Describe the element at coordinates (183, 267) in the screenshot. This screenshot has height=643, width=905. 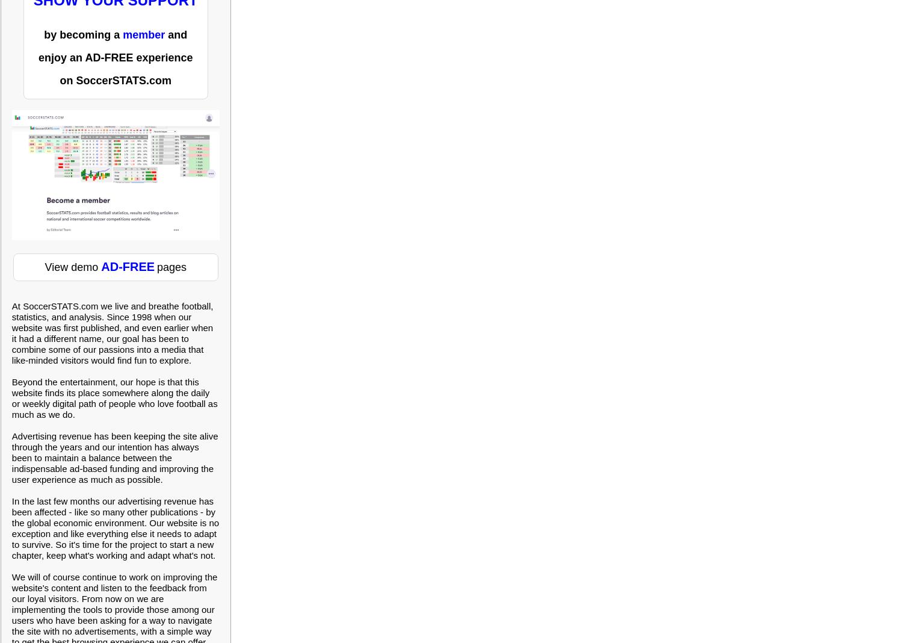
I see `'pages'` at that location.